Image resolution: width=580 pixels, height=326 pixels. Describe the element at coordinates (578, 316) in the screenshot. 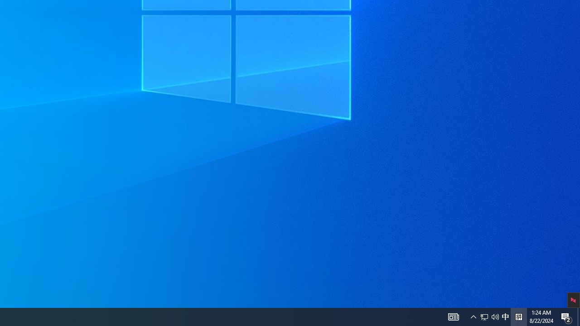

I see `'Show desktop'` at that location.